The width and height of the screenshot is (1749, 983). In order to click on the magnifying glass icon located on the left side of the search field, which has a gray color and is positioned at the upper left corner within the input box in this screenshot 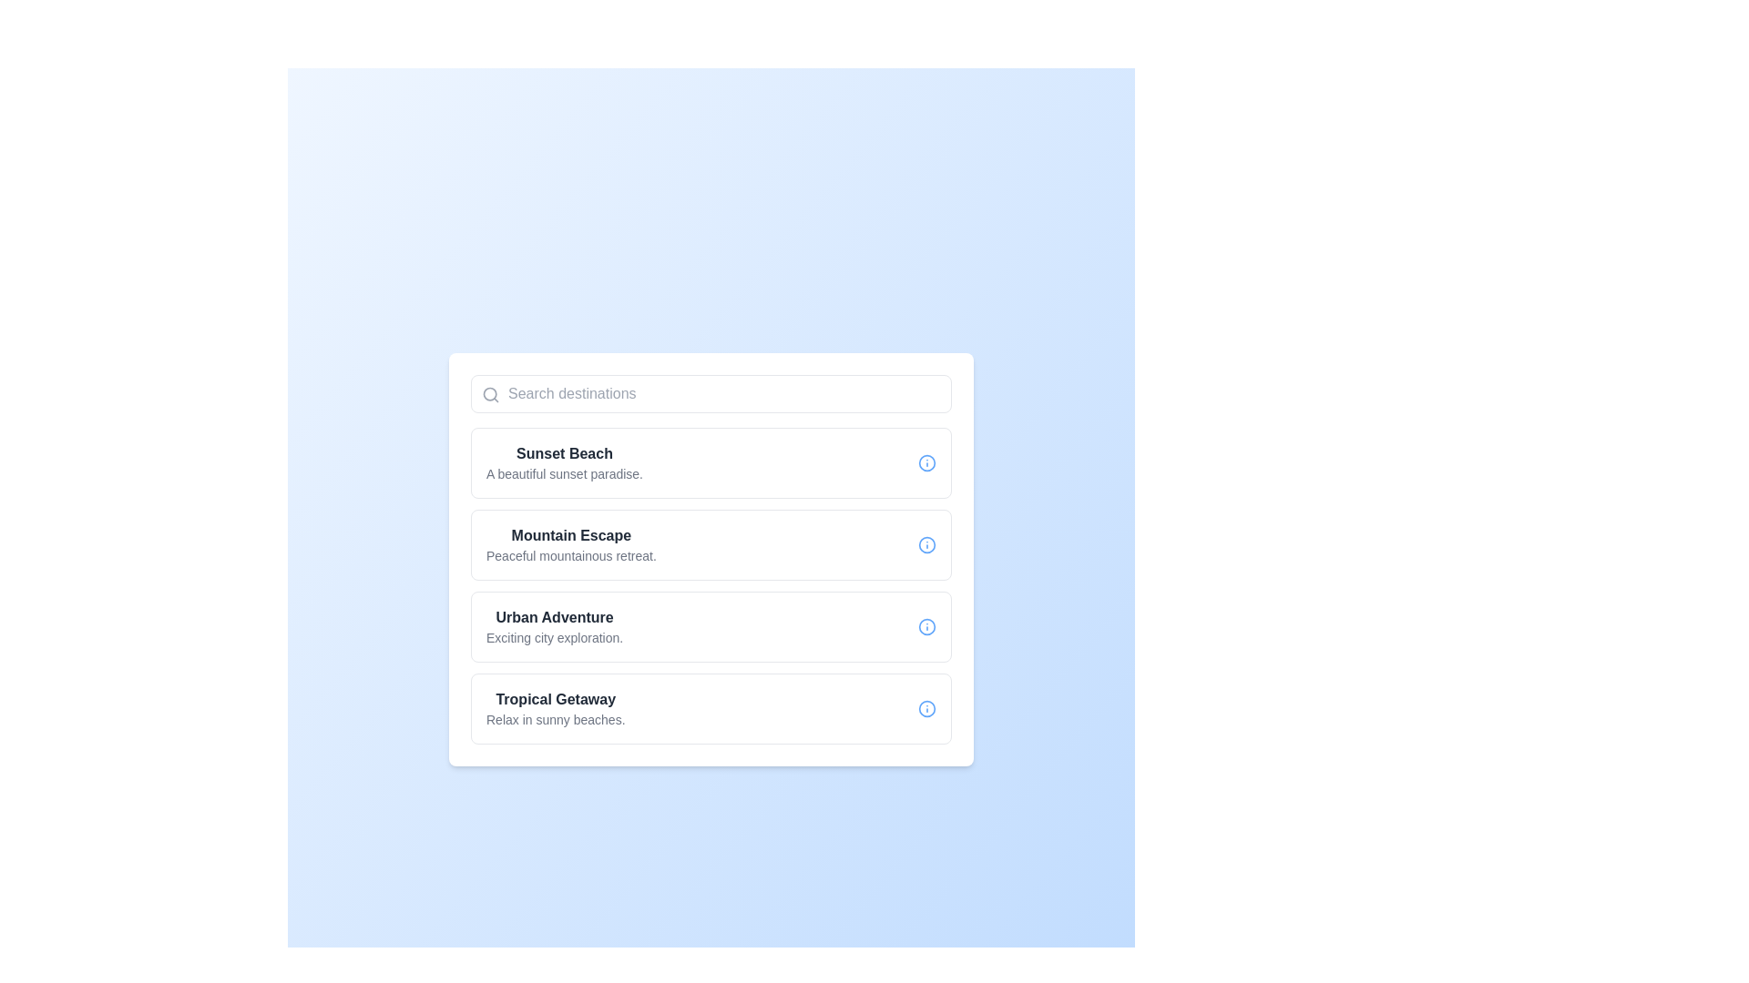, I will do `click(490, 394)`.